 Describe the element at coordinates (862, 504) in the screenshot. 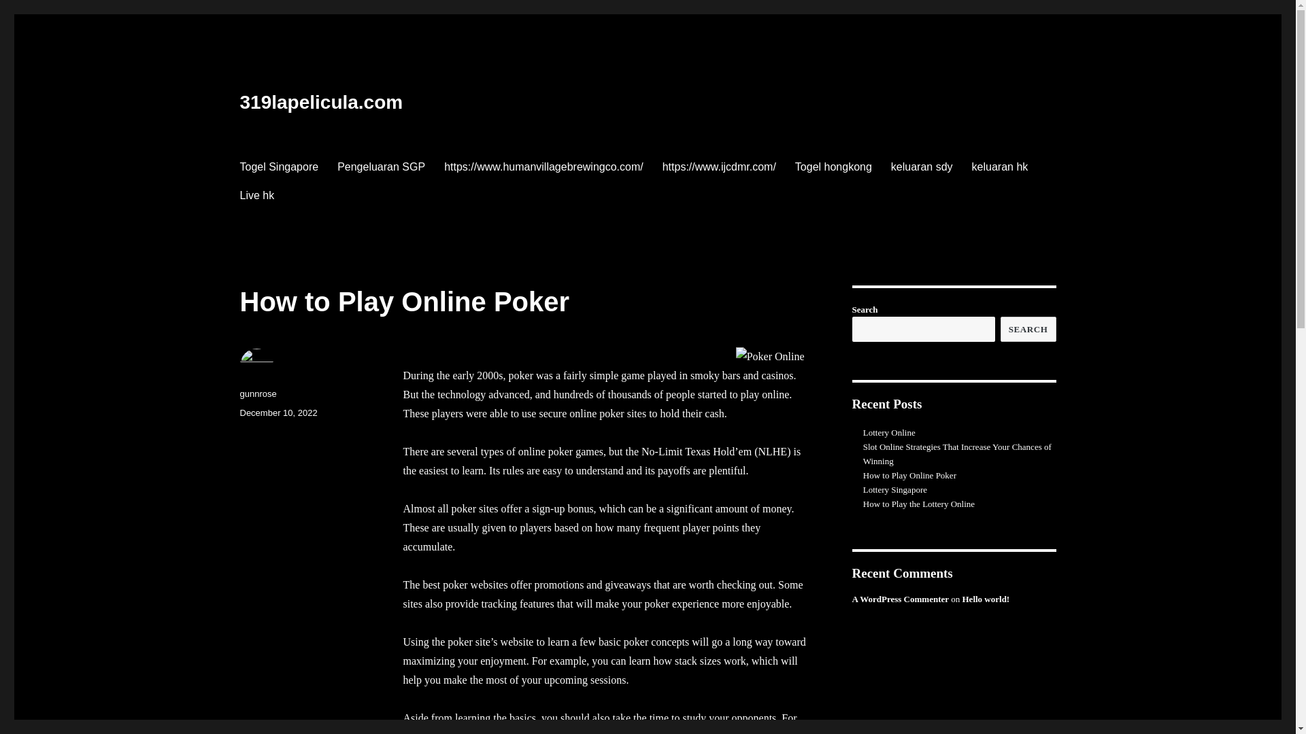

I see `'How to Play the Lottery Online'` at that location.